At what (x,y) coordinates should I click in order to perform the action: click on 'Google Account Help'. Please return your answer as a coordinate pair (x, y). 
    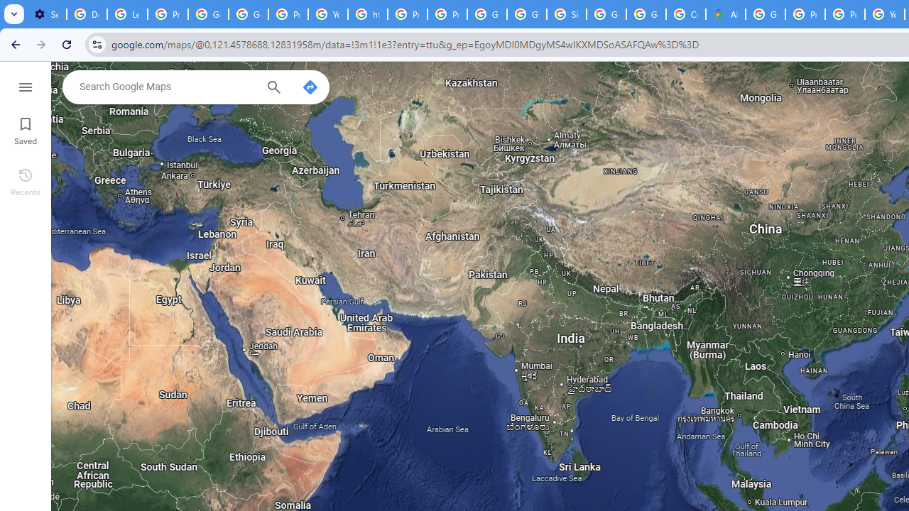
    Looking at the image, I should click on (207, 14).